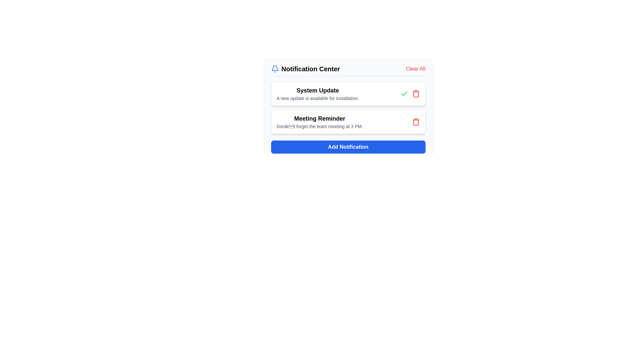 The height and width of the screenshot is (353, 628). I want to click on the reminder message text that reads 'Don’t forget the team meeting at 3 PM.', which is displayed in smaller, grey-colored font beneath the 'Meeting Reminder' title and above the 'Add Notification' button, so click(320, 126).